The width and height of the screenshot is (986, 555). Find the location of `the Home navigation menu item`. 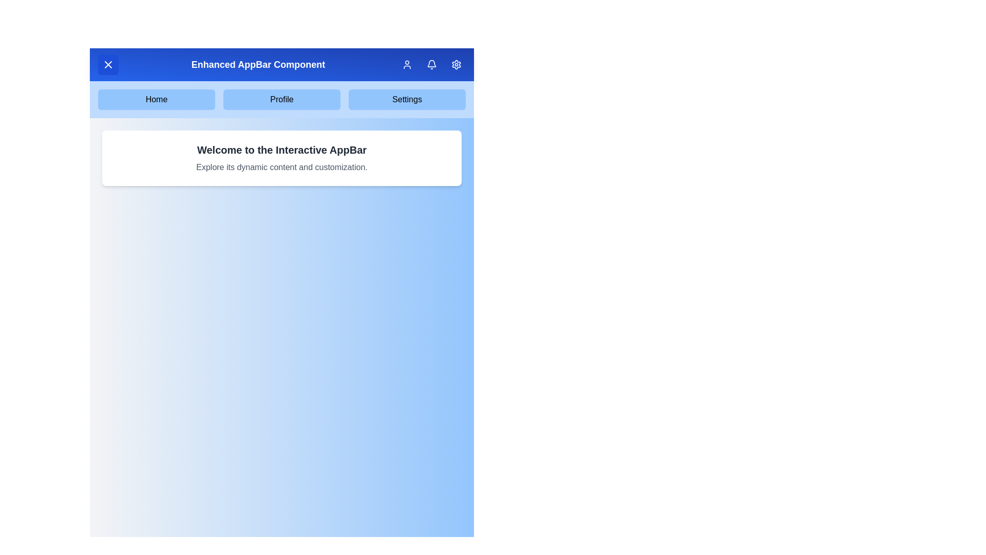

the Home navigation menu item is located at coordinates (156, 99).